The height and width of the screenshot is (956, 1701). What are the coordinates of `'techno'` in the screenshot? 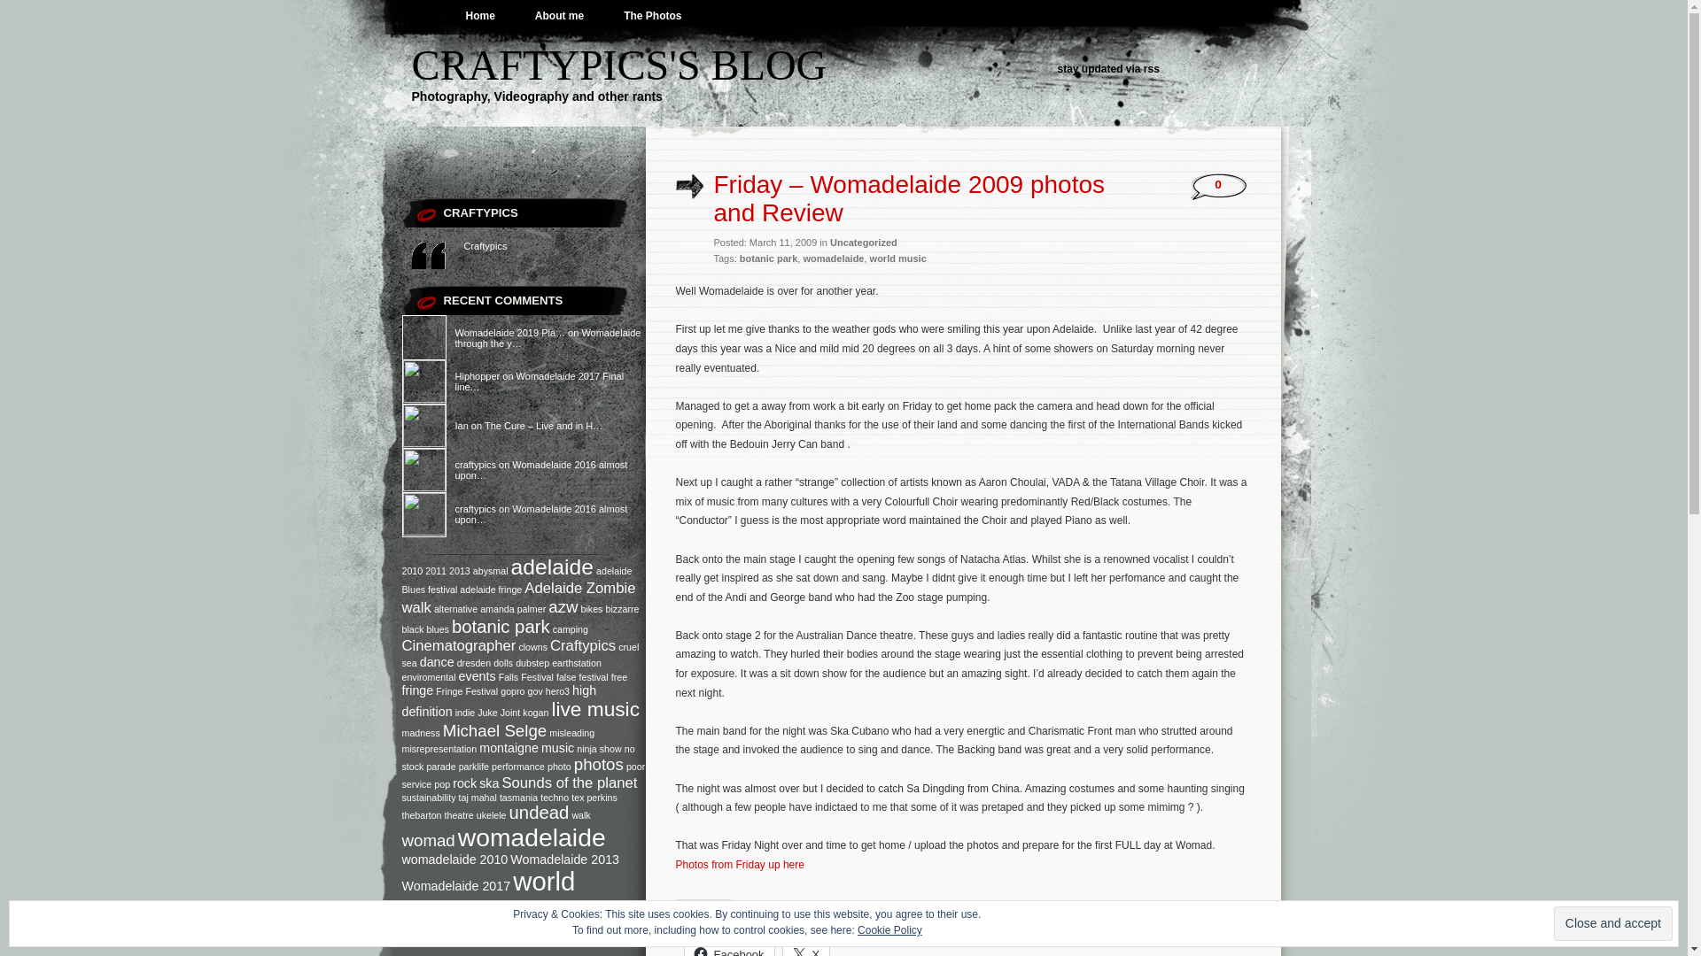 It's located at (553, 798).